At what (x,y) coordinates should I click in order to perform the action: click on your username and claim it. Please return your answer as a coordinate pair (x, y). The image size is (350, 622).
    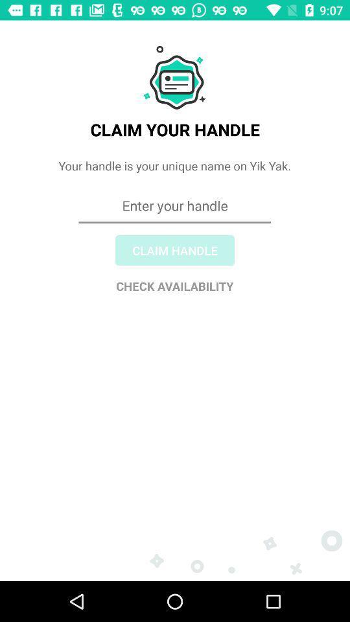
    Looking at the image, I should click on (175, 252).